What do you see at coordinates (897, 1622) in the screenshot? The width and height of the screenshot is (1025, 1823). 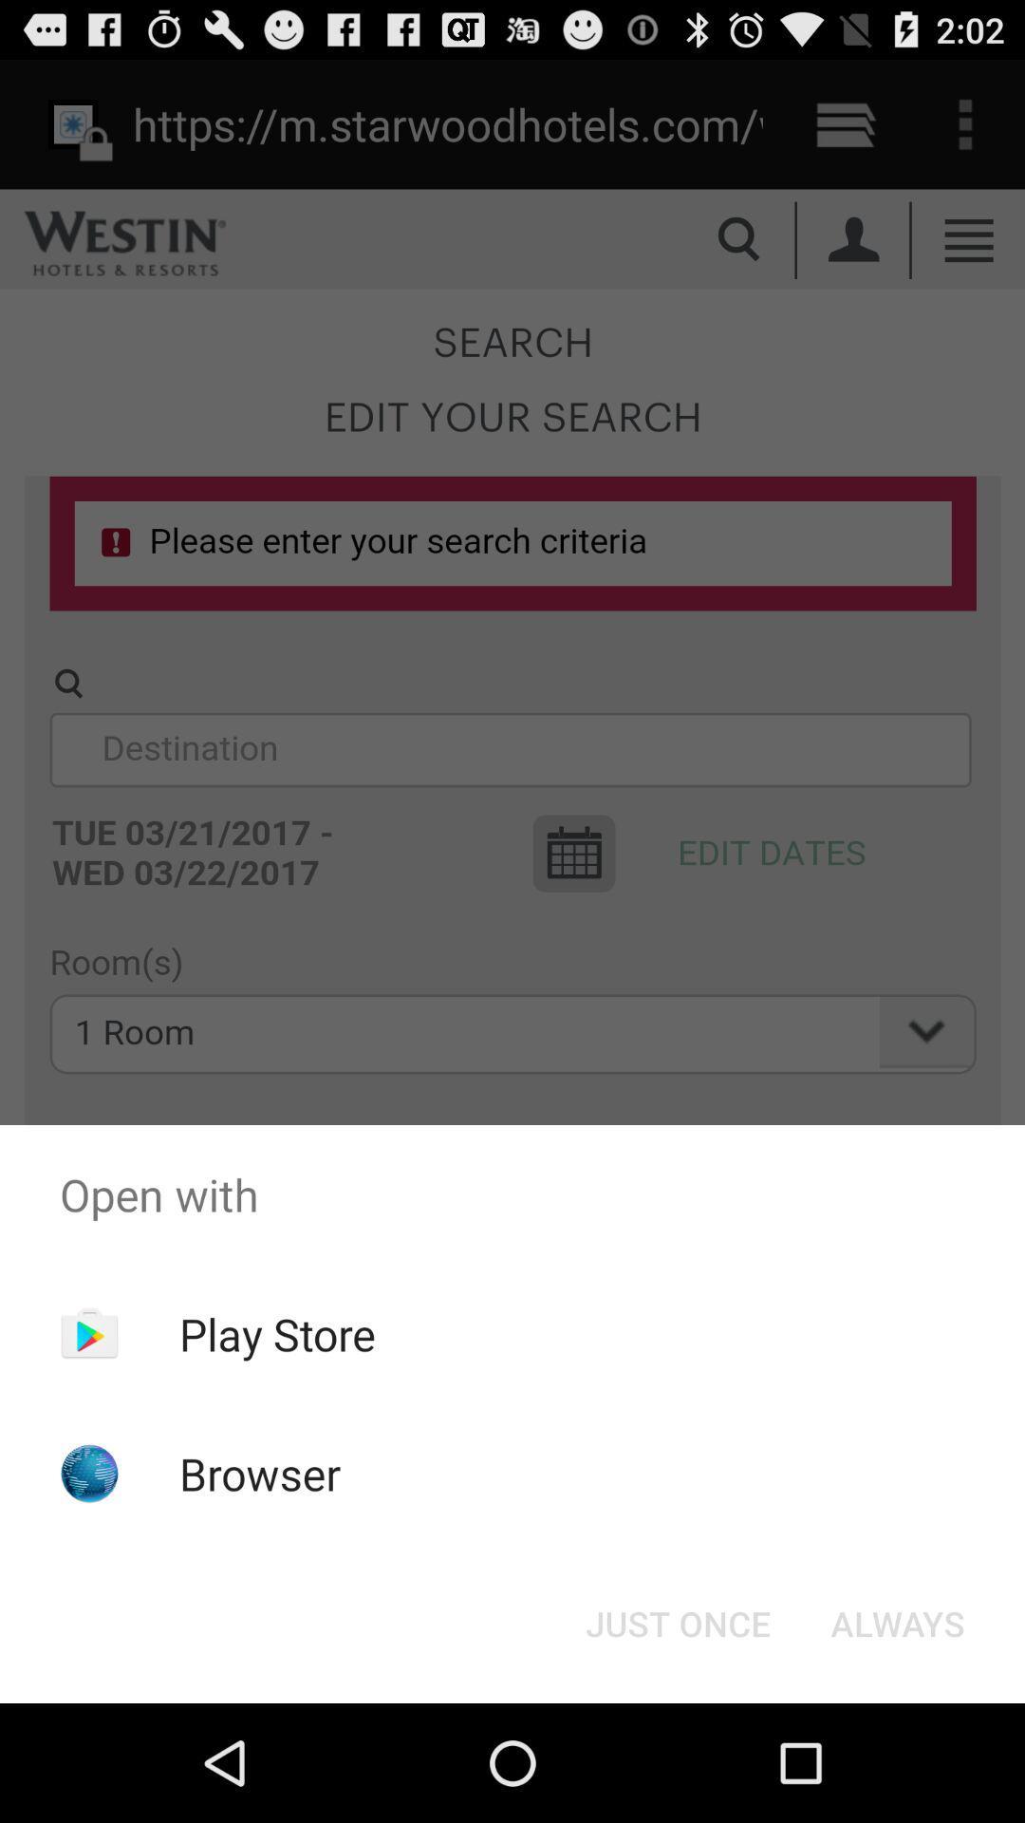 I see `the always button` at bounding box center [897, 1622].